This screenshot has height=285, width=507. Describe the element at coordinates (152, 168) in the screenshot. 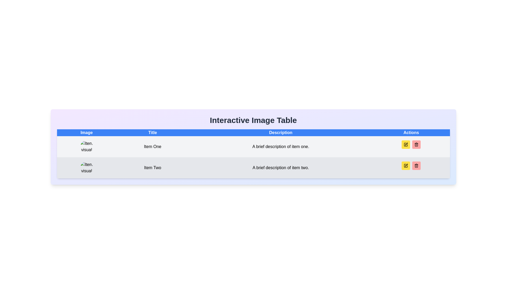

I see `the text element displaying 'Item Two' in the 'Title' column of the table layout` at that location.